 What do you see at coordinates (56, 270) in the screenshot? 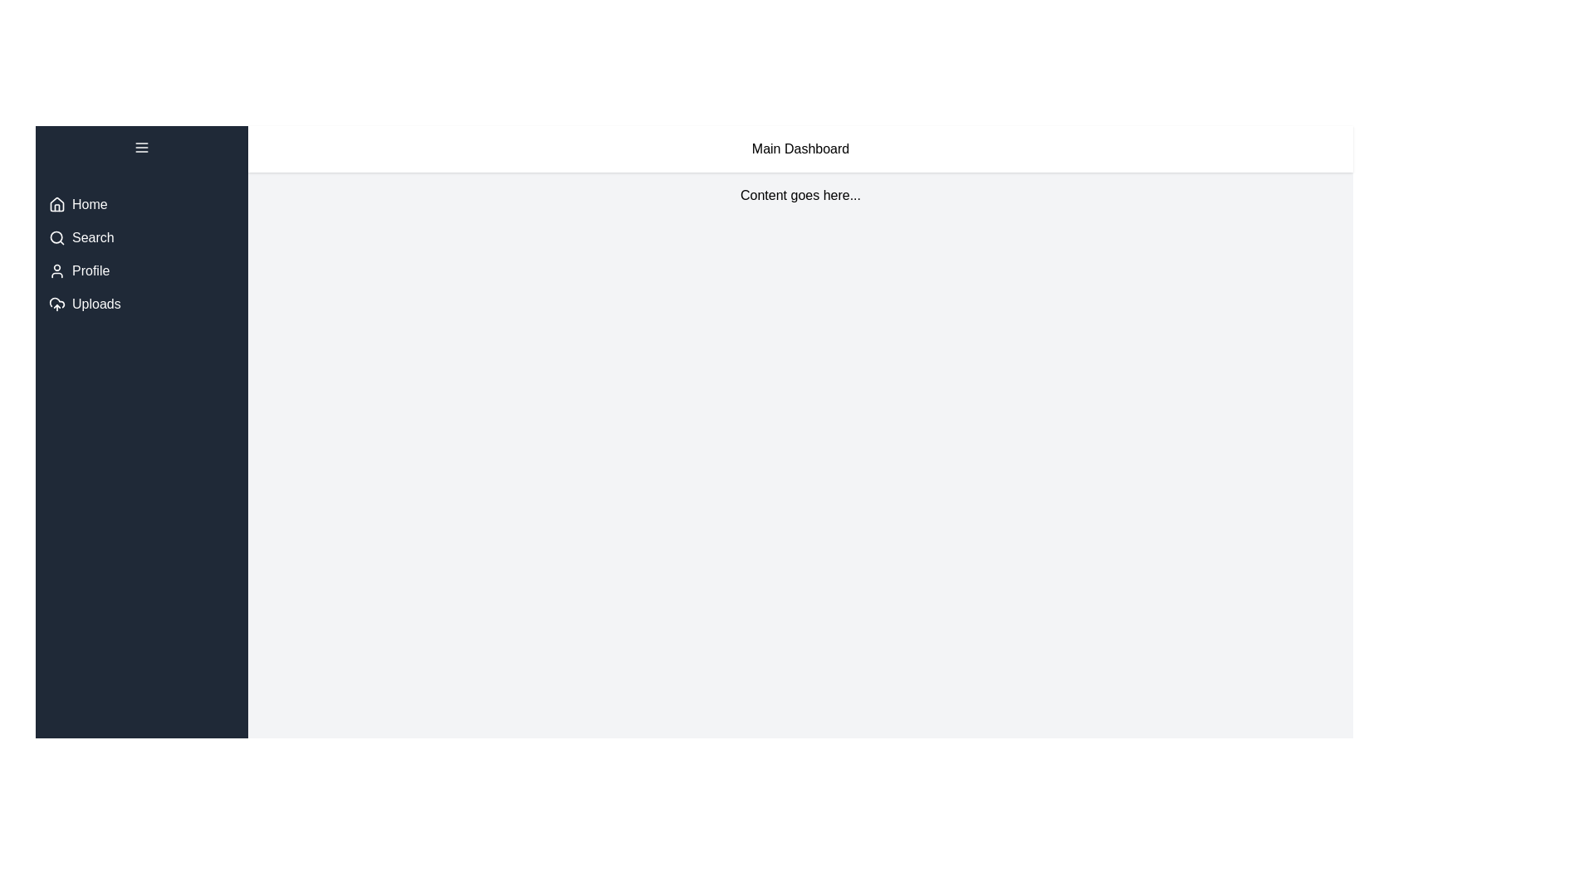
I see `the small, circular user icon located on the left sidebar, positioned between the 'Search' and 'Uploads' items` at bounding box center [56, 270].